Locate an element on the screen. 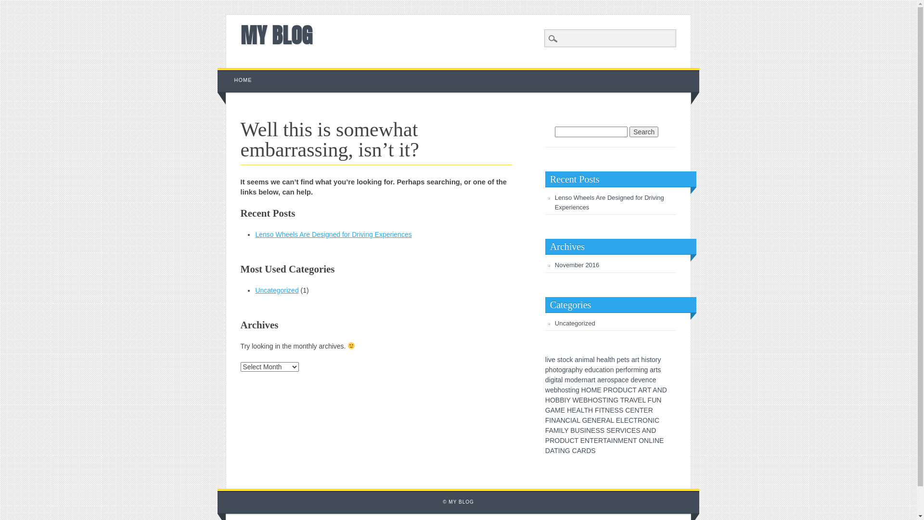 The height and width of the screenshot is (520, 924). 'Y' is located at coordinates (566, 430).